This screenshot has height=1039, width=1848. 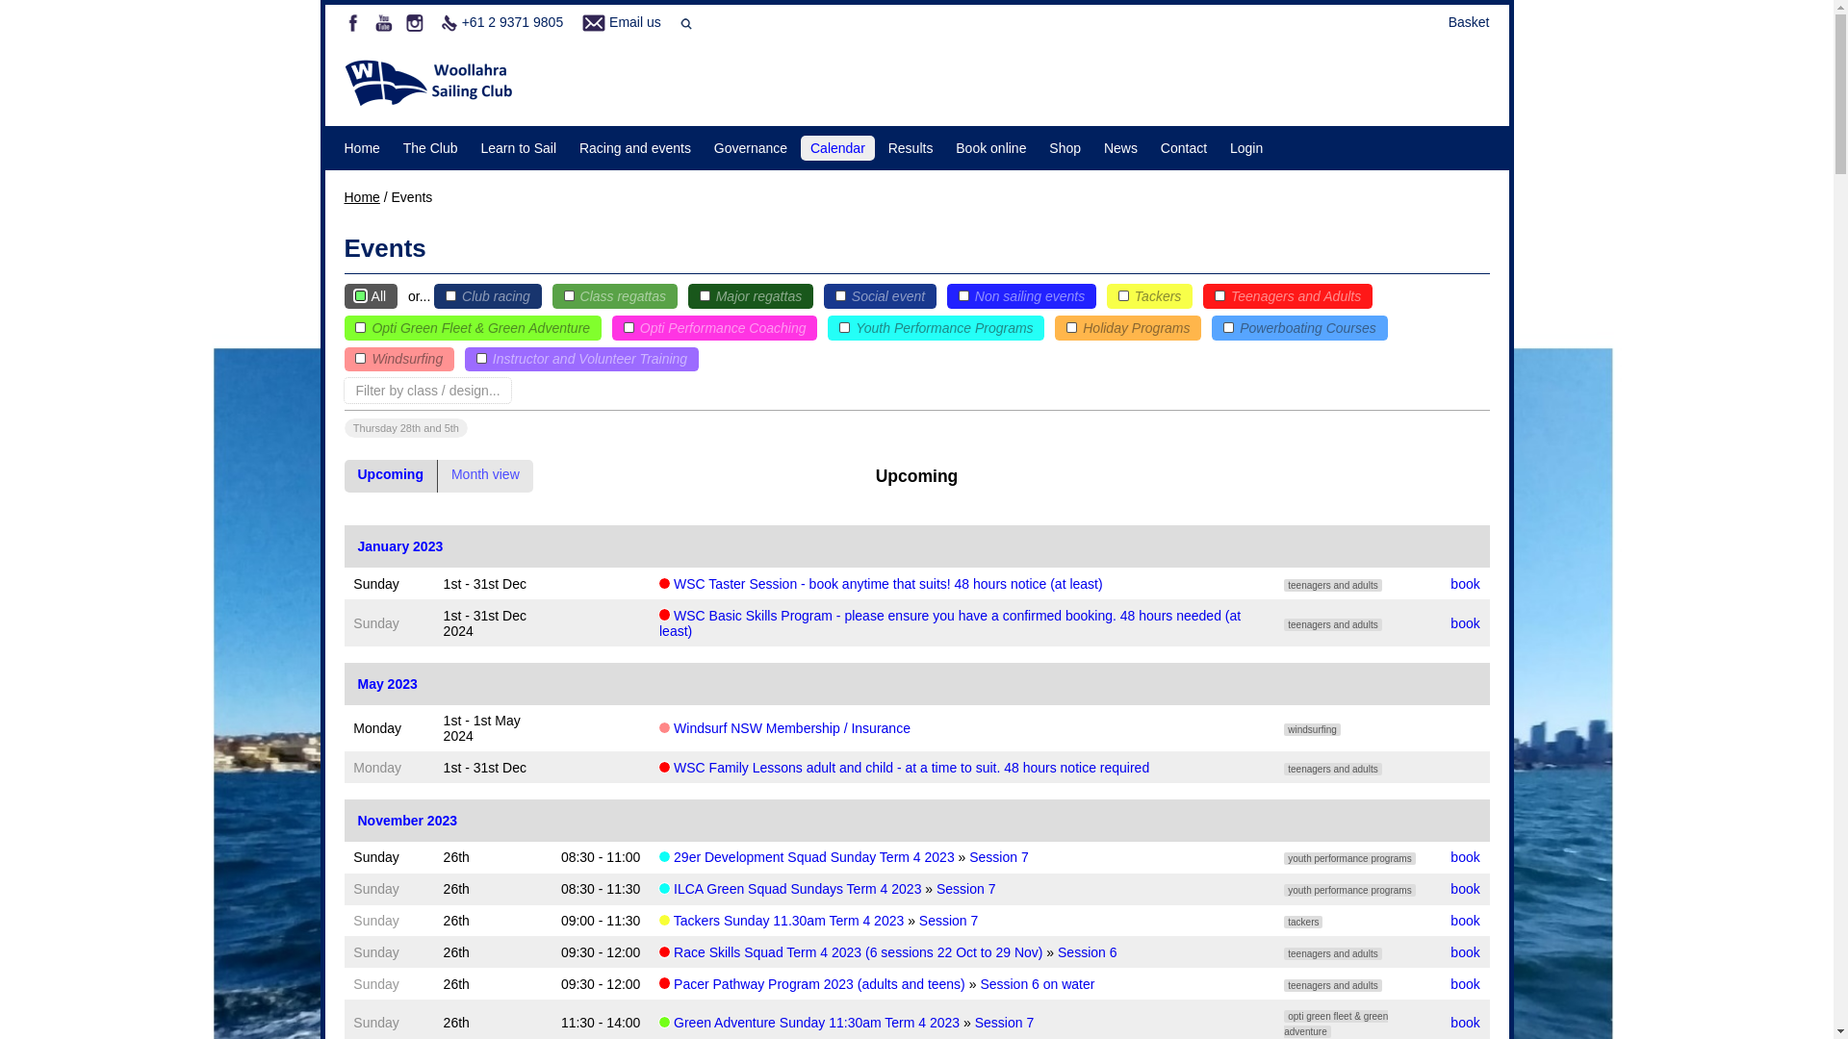 What do you see at coordinates (1463, 983) in the screenshot?
I see `'book'` at bounding box center [1463, 983].